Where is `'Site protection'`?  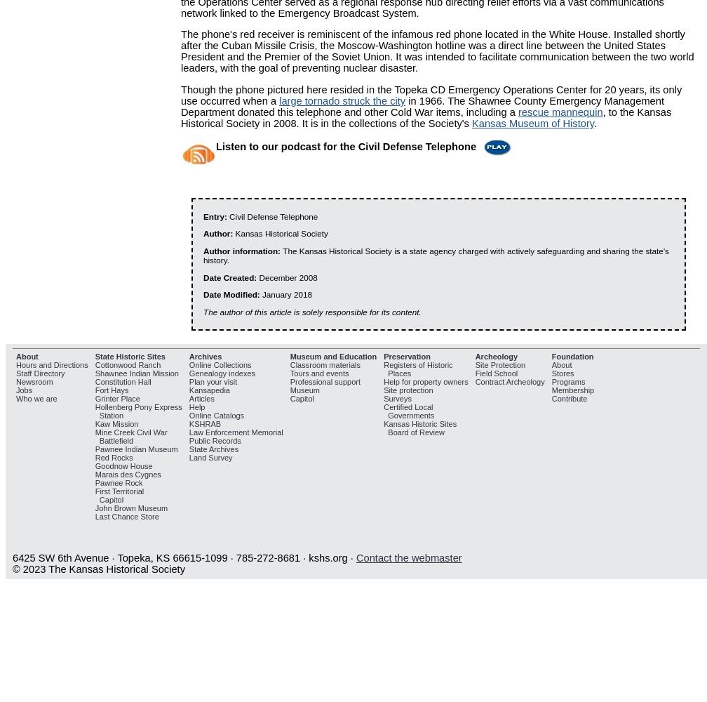 'Site protection' is located at coordinates (408, 390).